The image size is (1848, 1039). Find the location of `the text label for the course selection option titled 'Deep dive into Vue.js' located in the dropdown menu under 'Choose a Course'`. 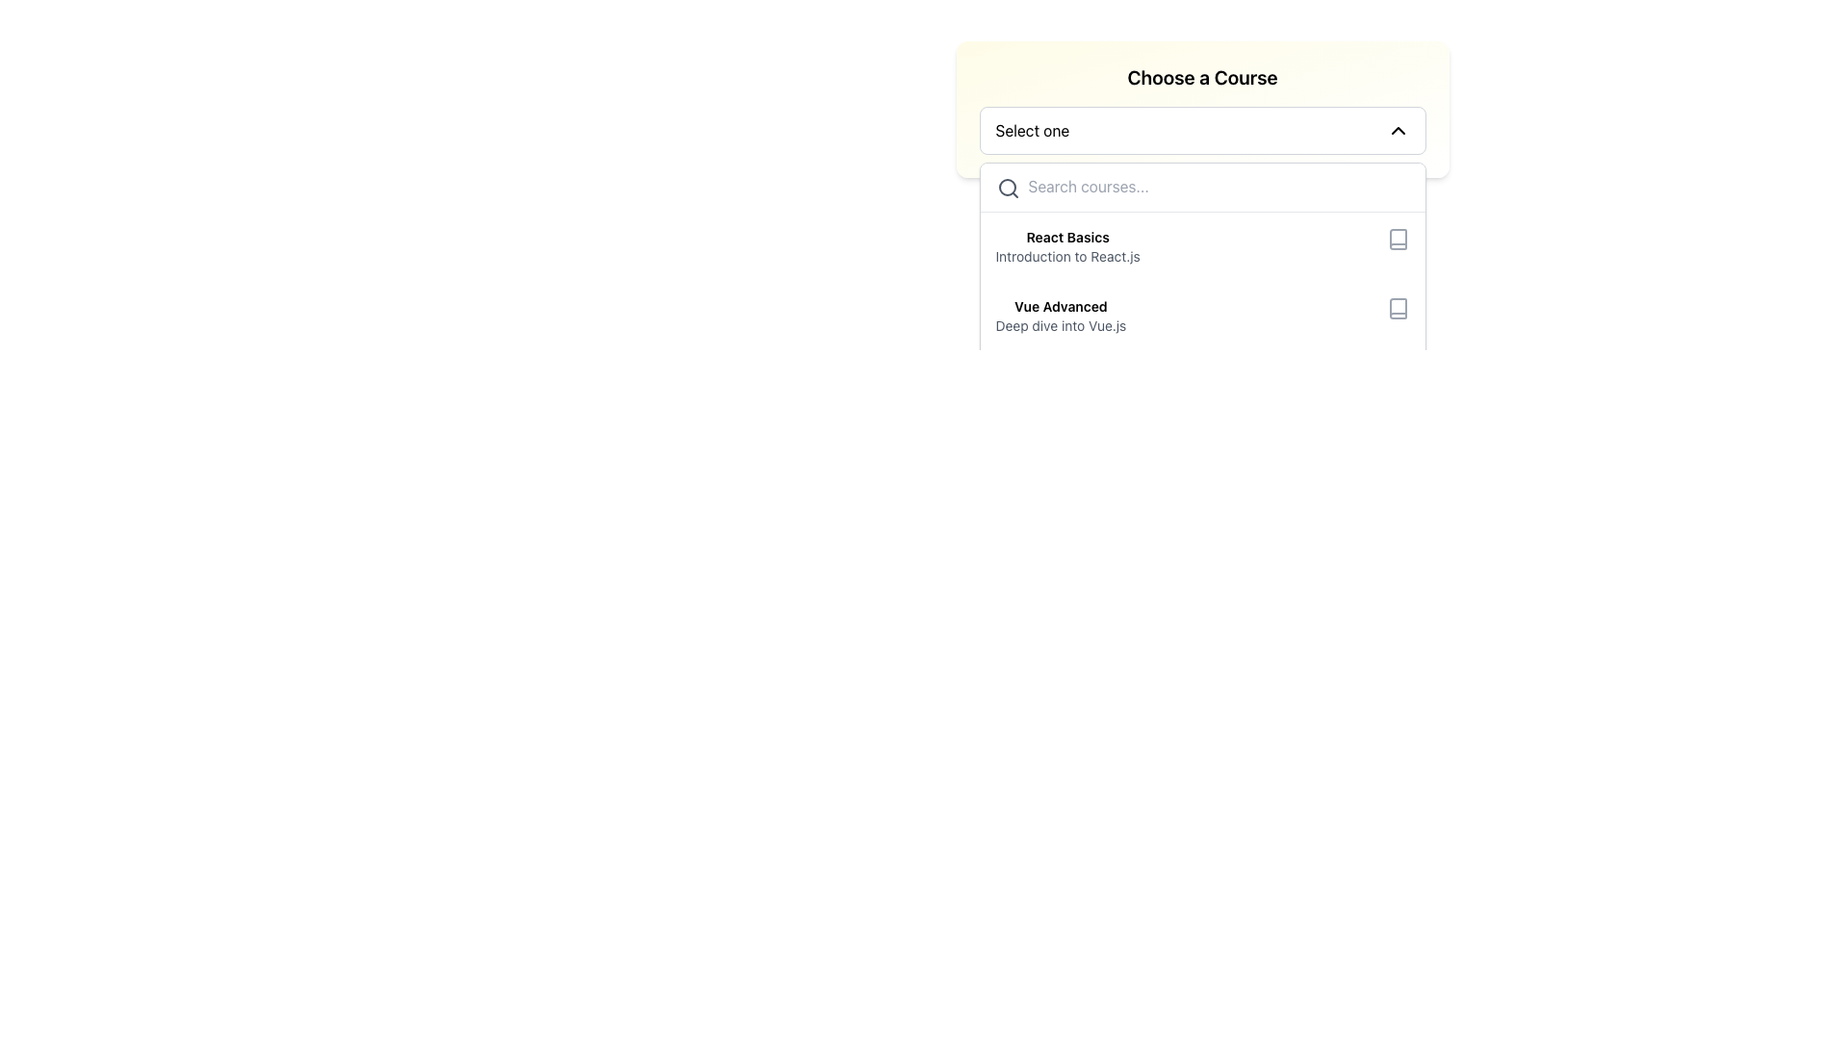

the text label for the course selection option titled 'Deep dive into Vue.js' located in the dropdown menu under 'Choose a Course' is located at coordinates (1060, 305).